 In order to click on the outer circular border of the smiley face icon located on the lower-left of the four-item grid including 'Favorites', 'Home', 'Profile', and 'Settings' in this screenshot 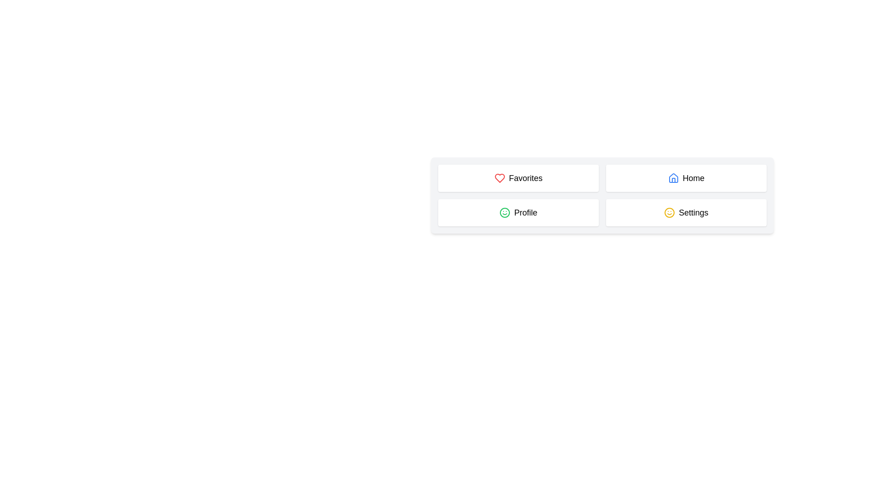, I will do `click(670, 213)`.